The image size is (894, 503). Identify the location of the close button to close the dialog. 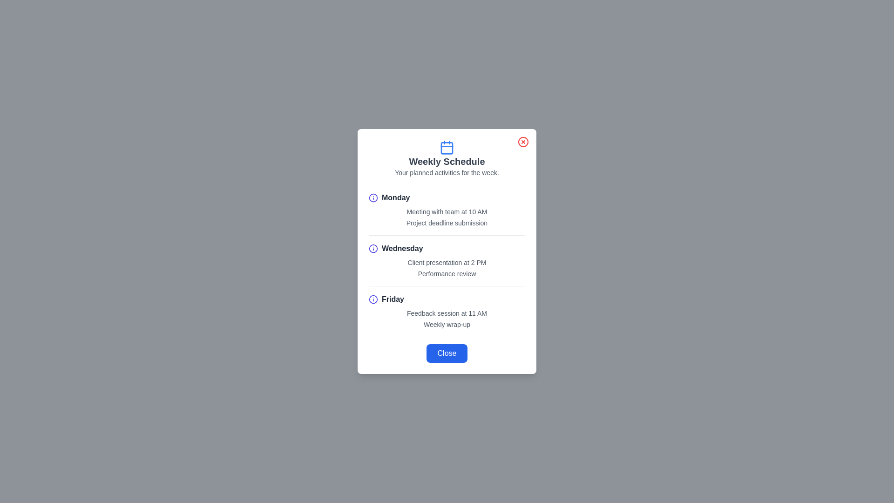
(523, 142).